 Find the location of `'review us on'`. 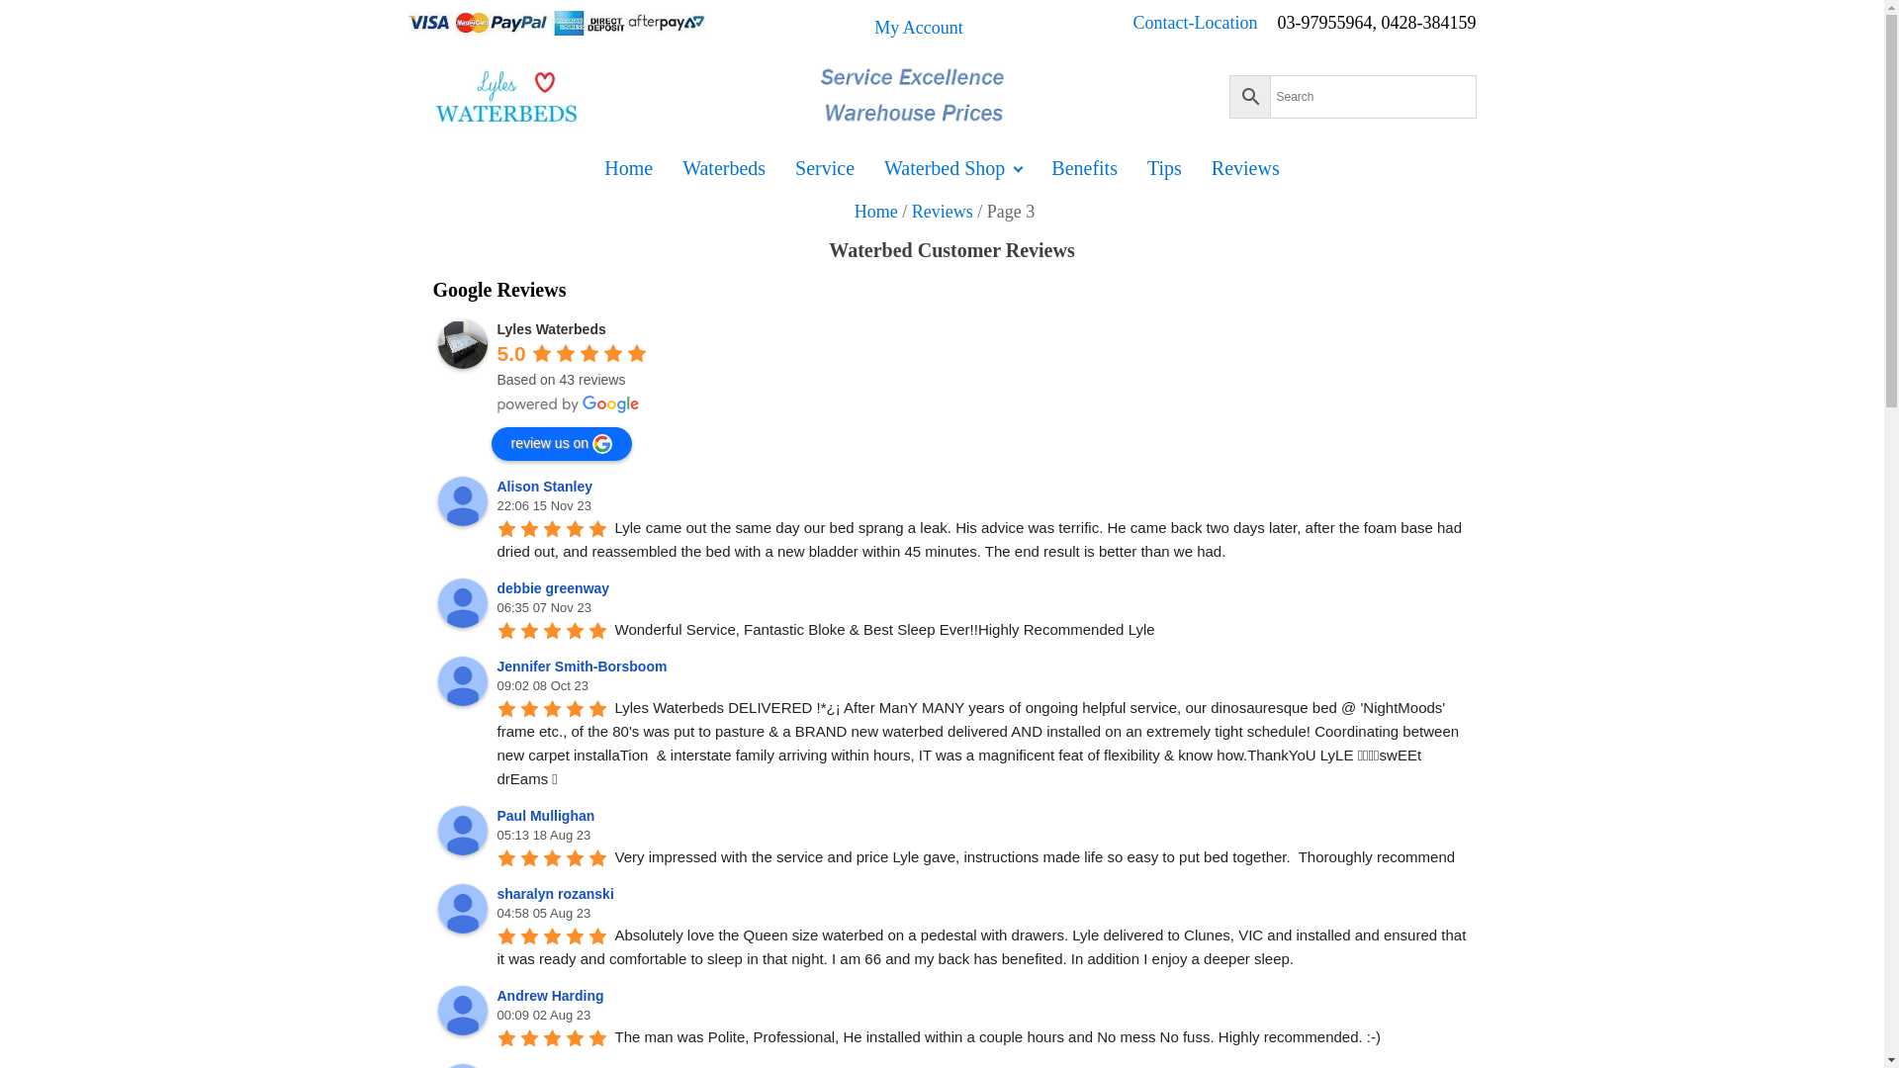

'review us on' is located at coordinates (560, 442).